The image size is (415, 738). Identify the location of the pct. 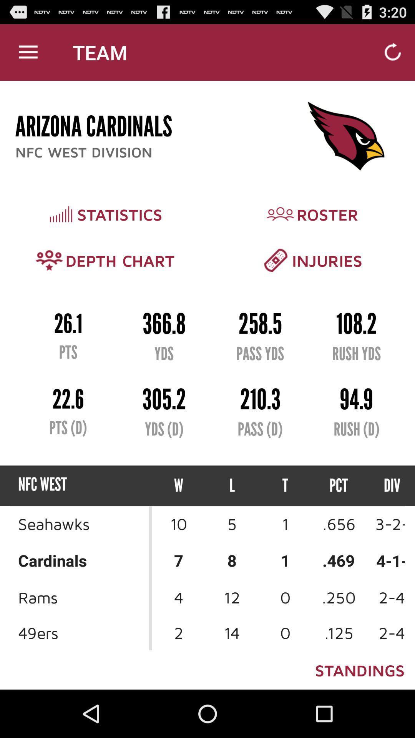
(338, 485).